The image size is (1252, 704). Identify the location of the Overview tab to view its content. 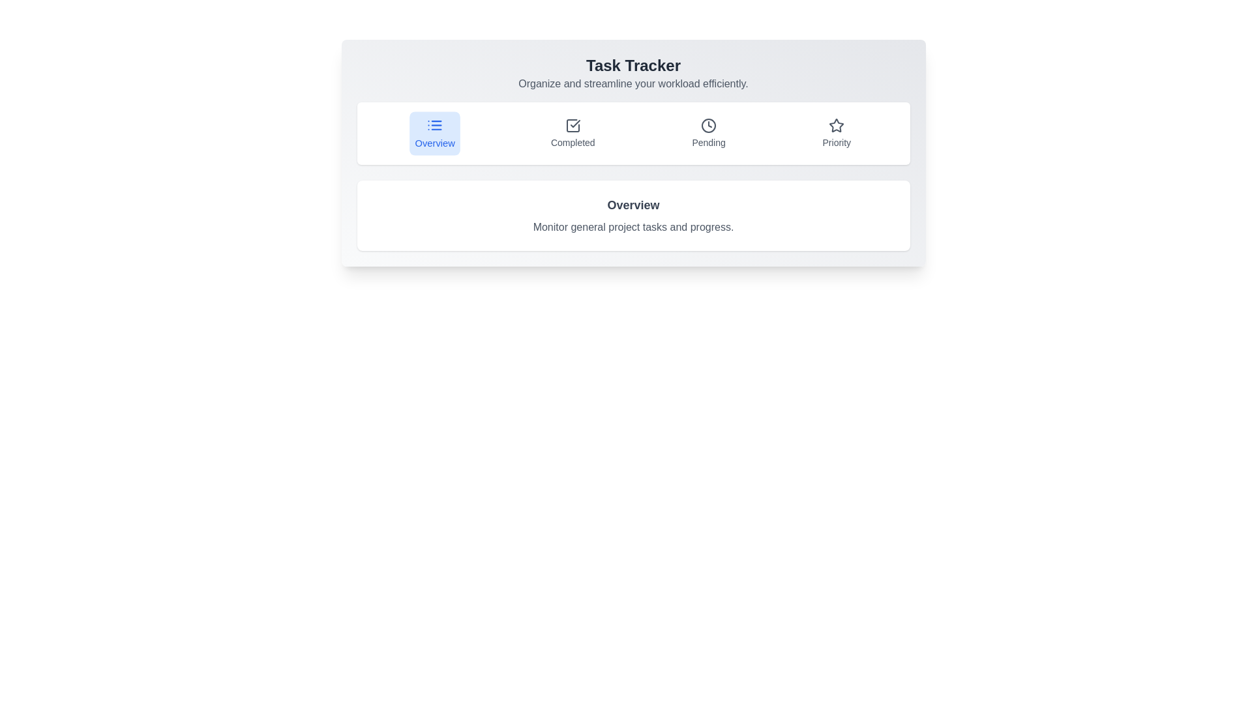
(435, 133).